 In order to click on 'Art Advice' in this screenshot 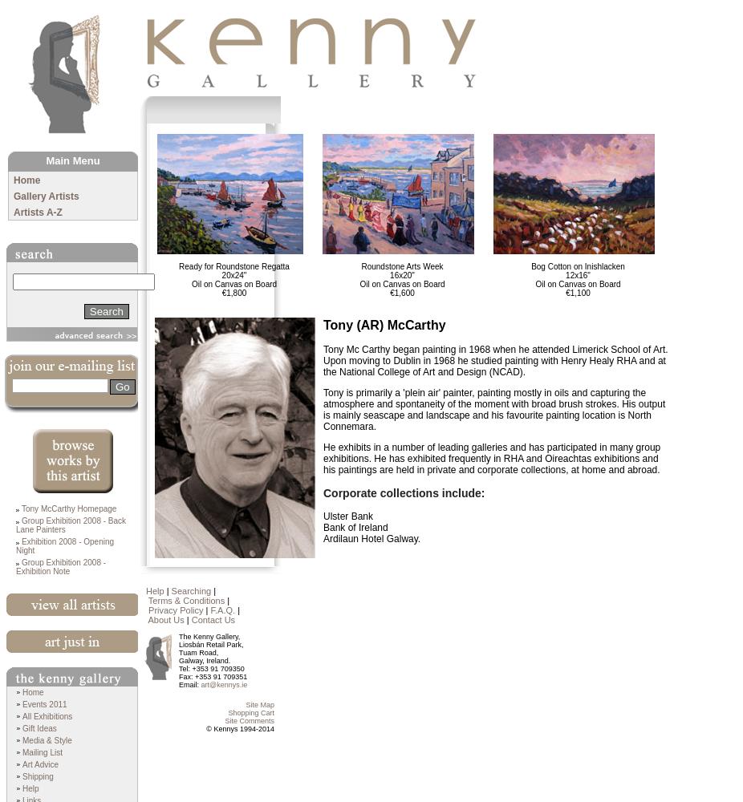, I will do `click(21, 764)`.